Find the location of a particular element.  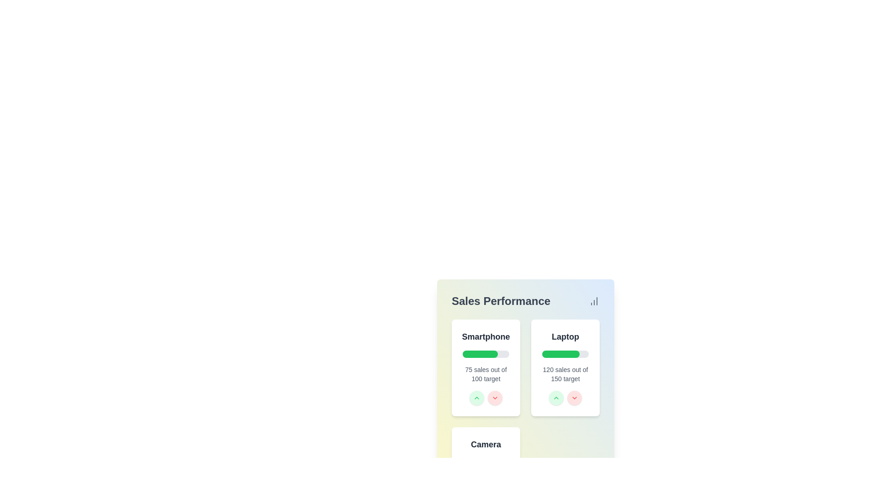

the green progress bar located in the 'Smartphone' card within the 'Sales Performance' section of the dashboard, visually represented by a rounded rectangular gray track is located at coordinates (480, 353).